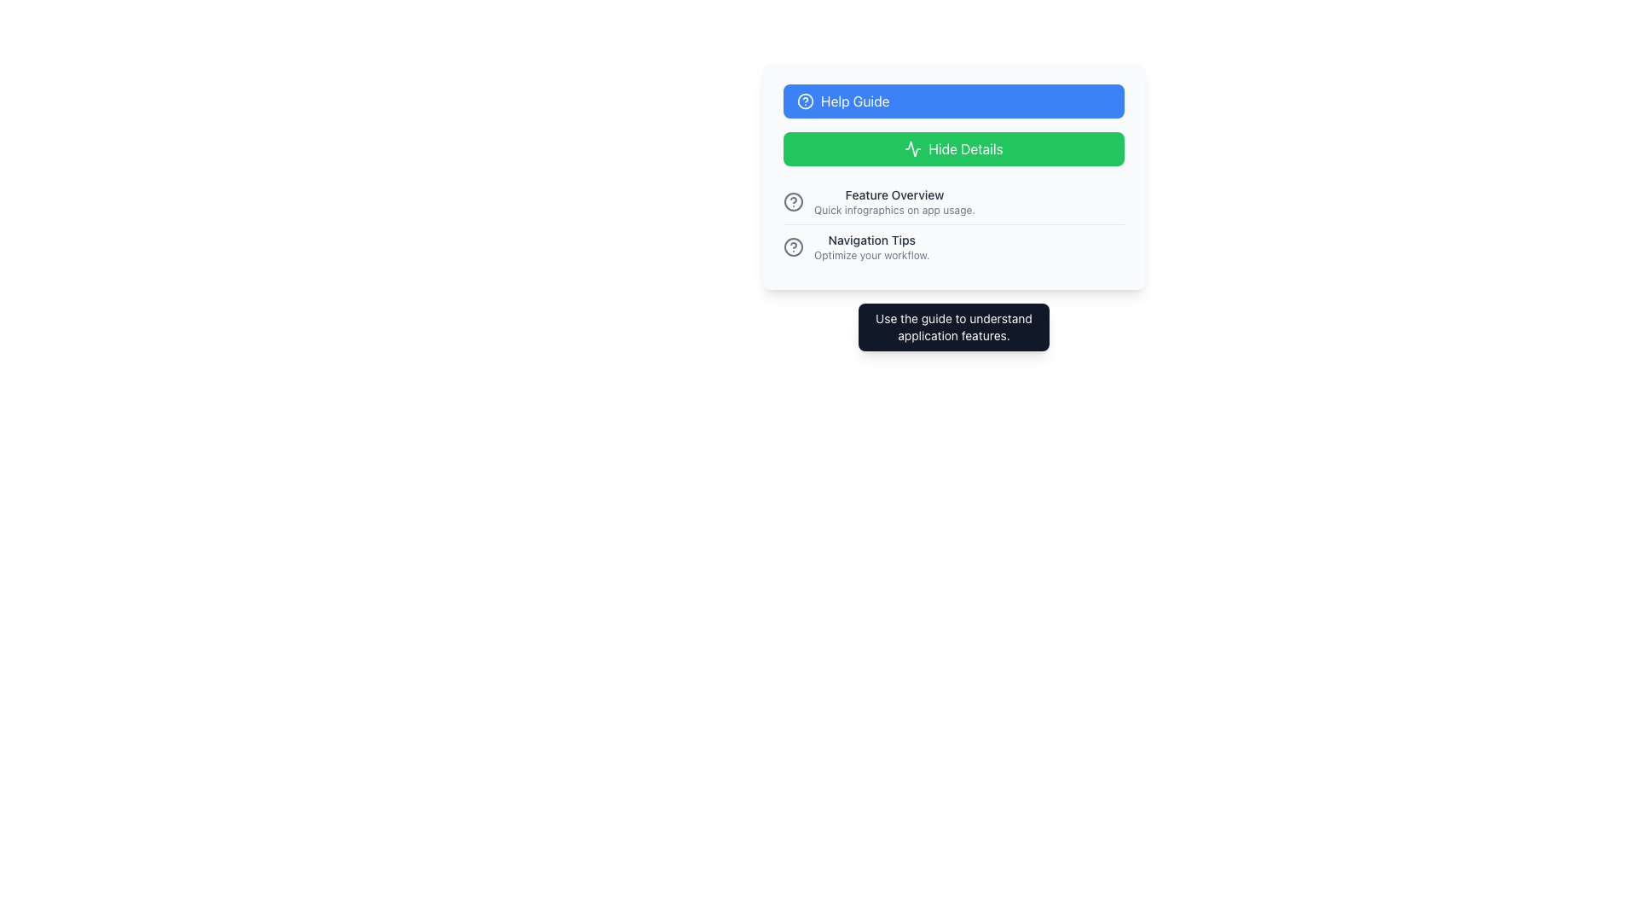 The height and width of the screenshot is (921, 1637). Describe the element at coordinates (805, 101) in the screenshot. I see `the circular SVG graphical element within the 'Help Guide' button` at that location.